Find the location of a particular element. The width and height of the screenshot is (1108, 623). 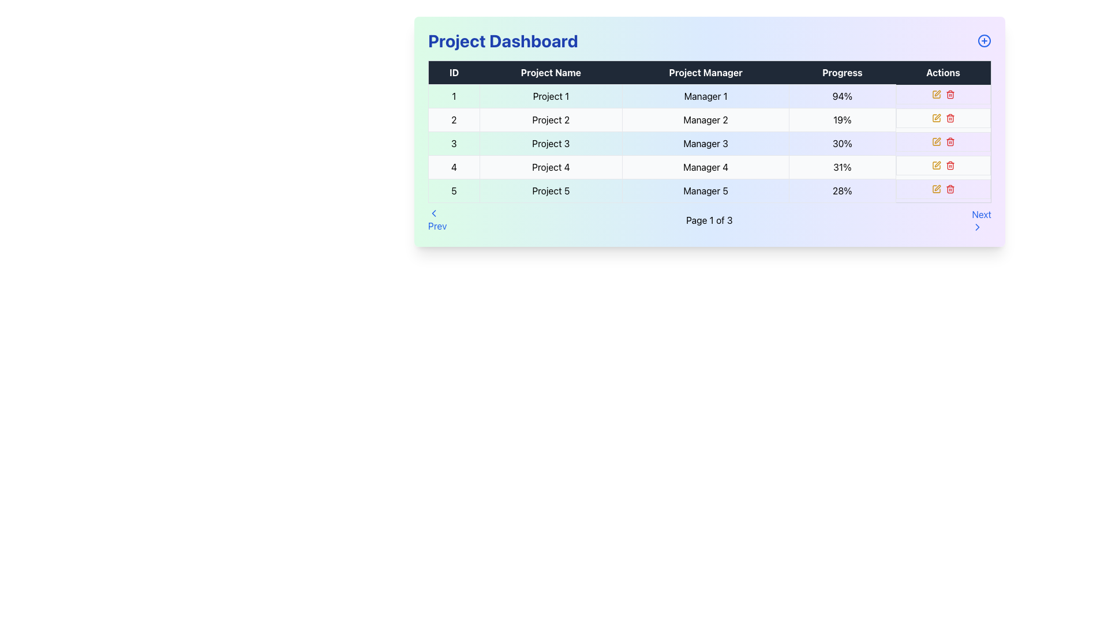

the delete button located in the Actions column of the table, specifically the second icon in the third row is located at coordinates (950, 141).